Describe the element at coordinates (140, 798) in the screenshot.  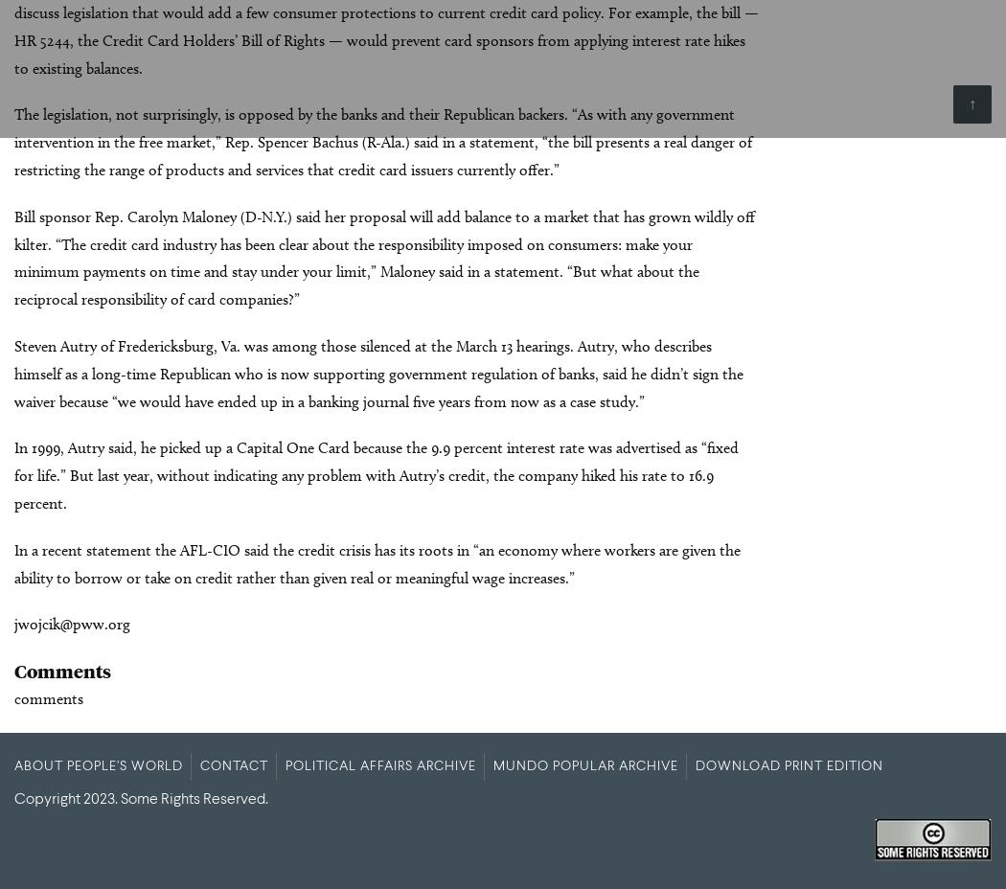
I see `'Copyright 2023. Some Rights Reserved.'` at that location.